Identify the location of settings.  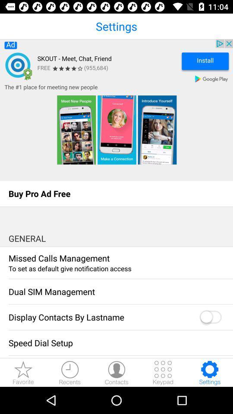
(209, 372).